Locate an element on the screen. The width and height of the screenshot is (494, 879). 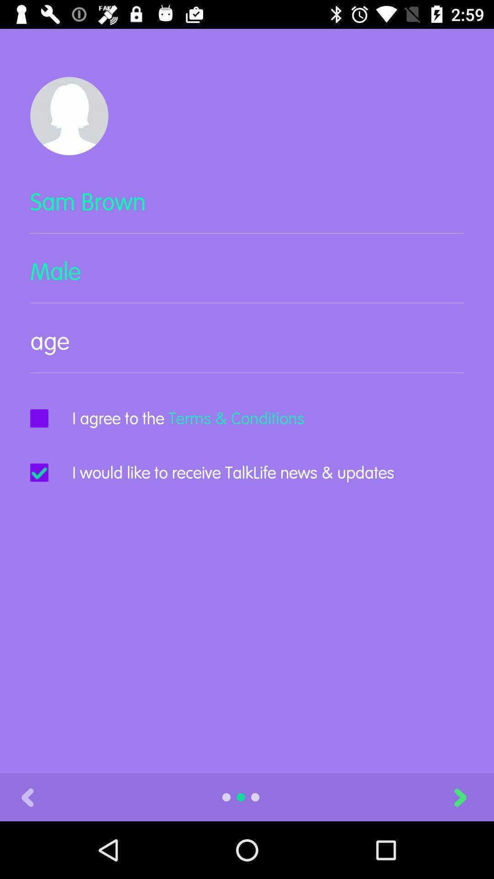
profile picture is located at coordinates (69, 115).